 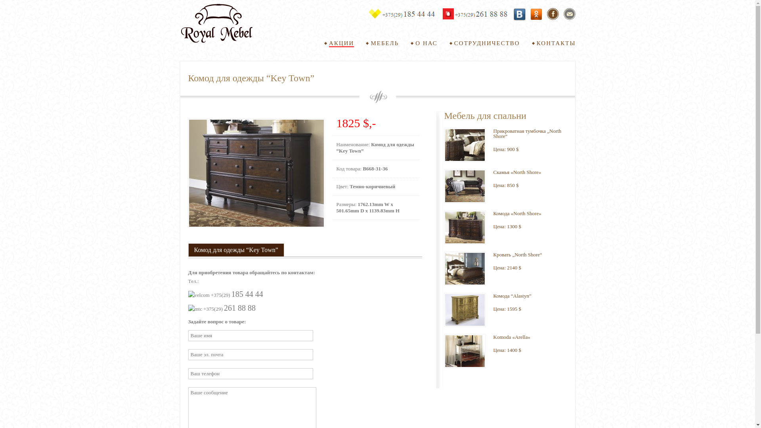 I want to click on 'Vkontakte', so click(x=519, y=14).